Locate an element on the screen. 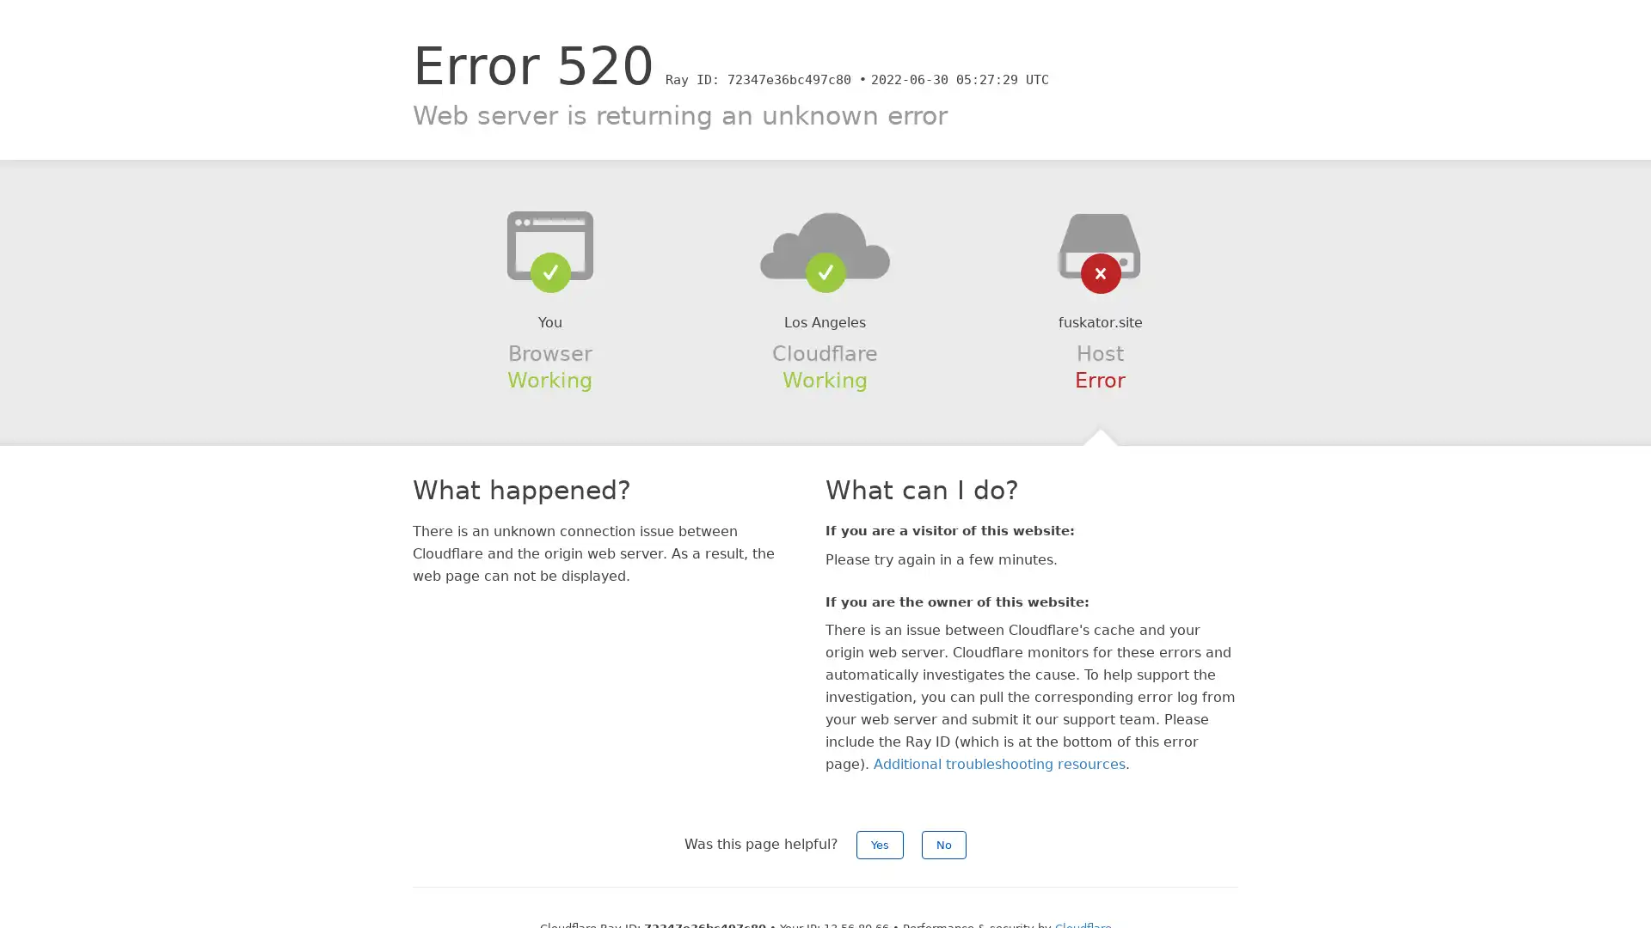 The height and width of the screenshot is (928, 1651). Yes is located at coordinates (880, 844).